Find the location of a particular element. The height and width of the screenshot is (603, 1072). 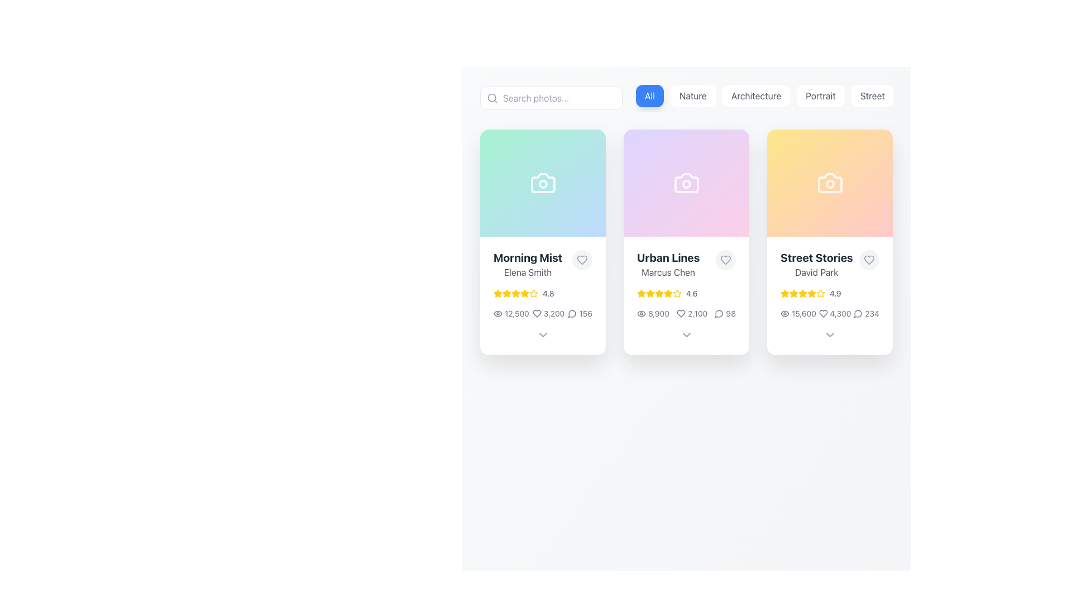

the fourth yellow star icon in the rating section underneath the 'Street Stories' card is located at coordinates (802, 293).